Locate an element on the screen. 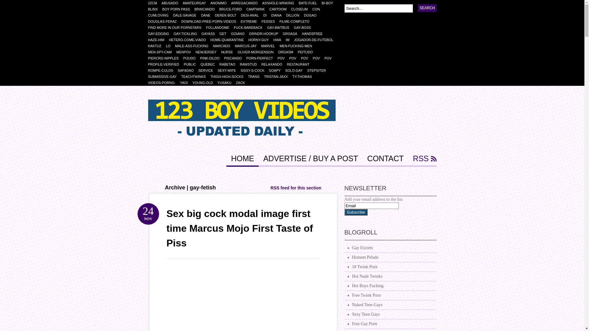 The image size is (589, 331). 'RSS feed for this section' is located at coordinates (296, 188).